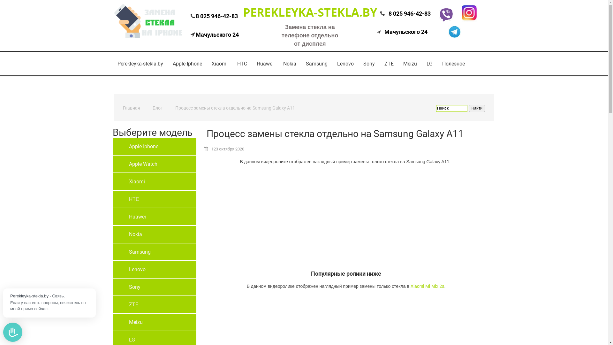 This screenshot has width=613, height=345. Describe the element at coordinates (369, 64) in the screenshot. I see `'Sony'` at that location.